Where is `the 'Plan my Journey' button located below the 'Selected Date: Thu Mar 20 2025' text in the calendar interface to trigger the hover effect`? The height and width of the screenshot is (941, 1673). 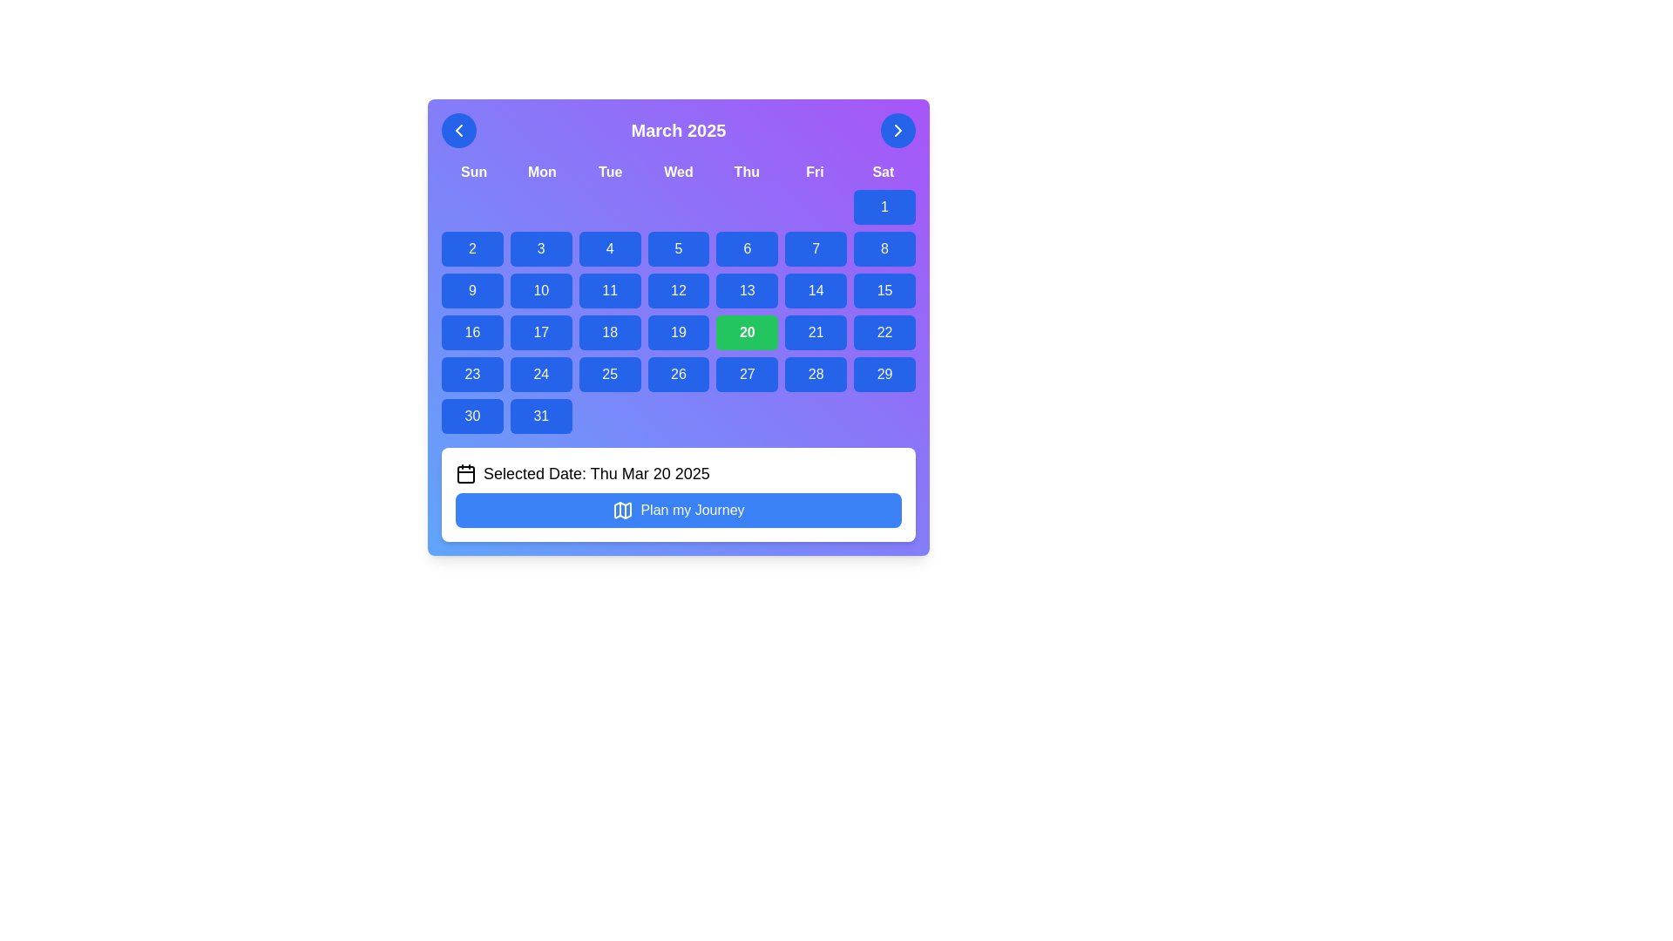 the 'Plan my Journey' button located below the 'Selected Date: Thu Mar 20 2025' text in the calendar interface to trigger the hover effect is located at coordinates (677, 510).